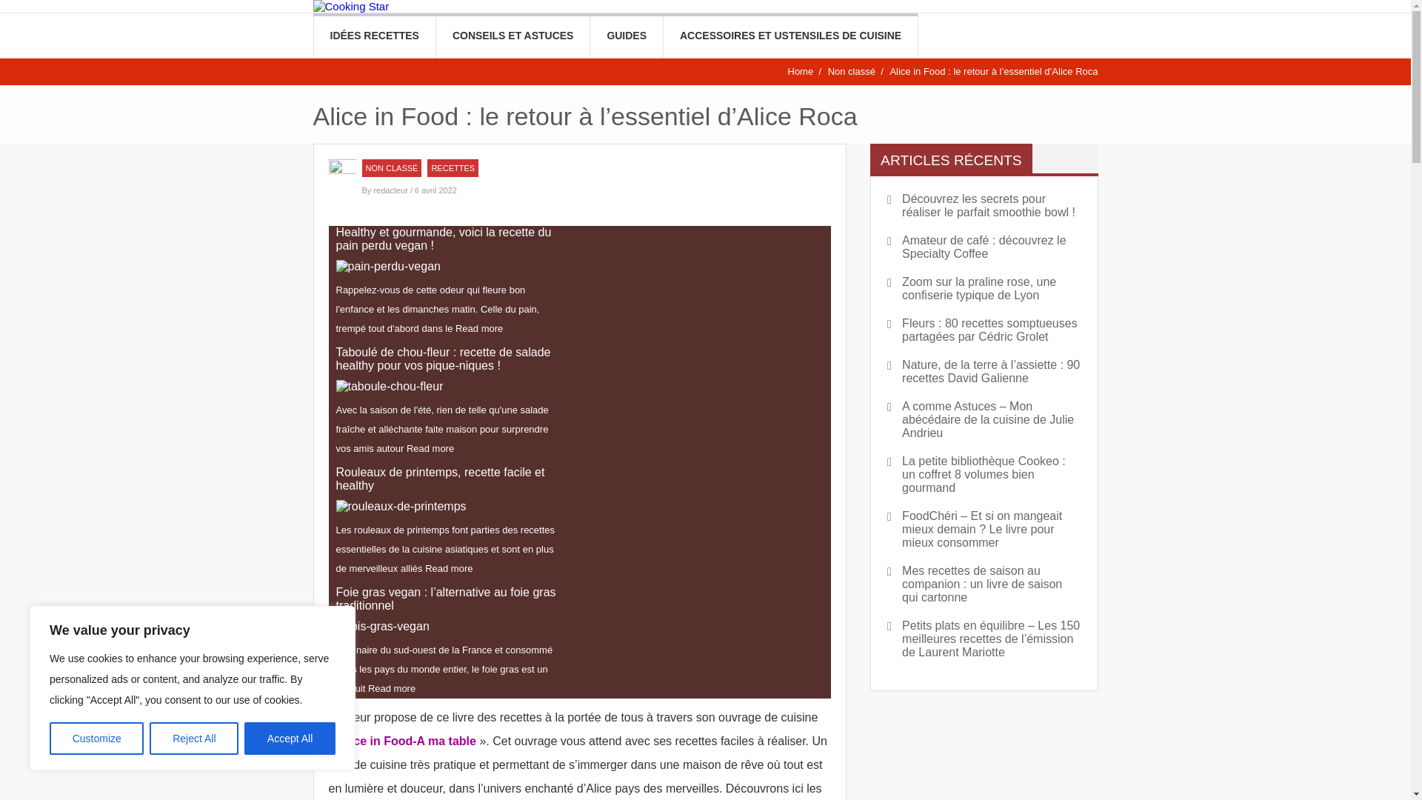 Image resolution: width=1422 pixels, height=800 pixels. I want to click on 'Read more', so click(479, 327).